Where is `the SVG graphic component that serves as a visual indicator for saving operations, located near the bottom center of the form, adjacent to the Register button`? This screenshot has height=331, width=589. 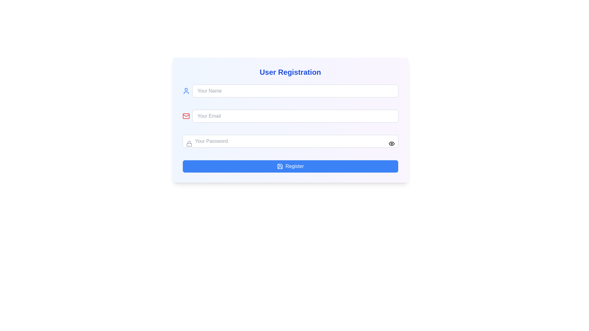 the SVG graphic component that serves as a visual indicator for saving operations, located near the bottom center of the form, adjacent to the Register button is located at coordinates (279, 166).